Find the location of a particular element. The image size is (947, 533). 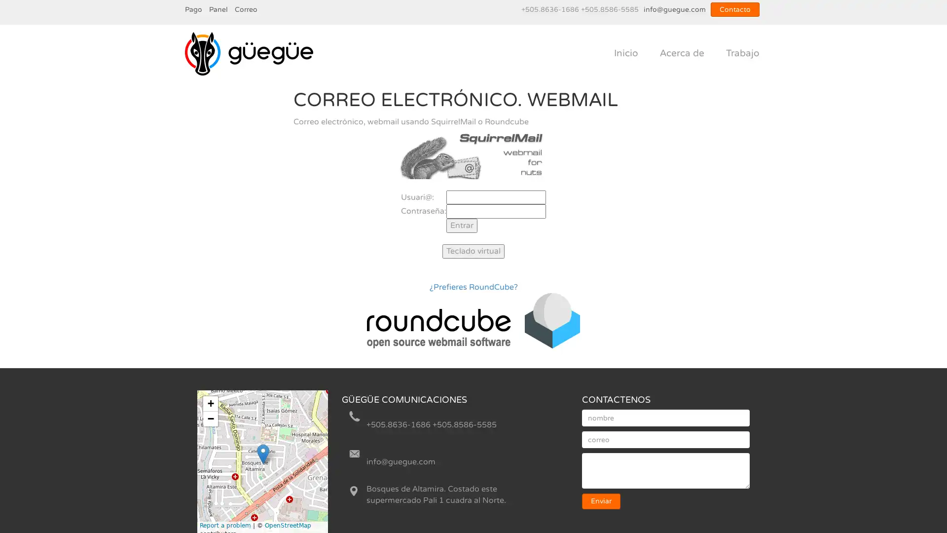

Contacto is located at coordinates (735, 9).